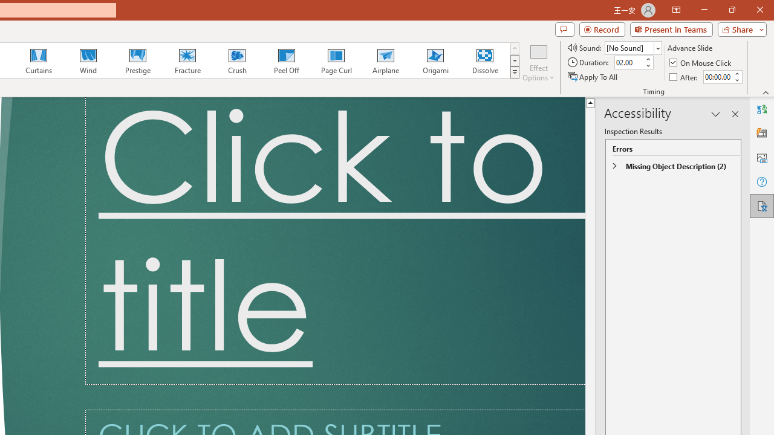 The image size is (774, 435). What do you see at coordinates (593, 77) in the screenshot?
I see `'Apply To All'` at bounding box center [593, 77].